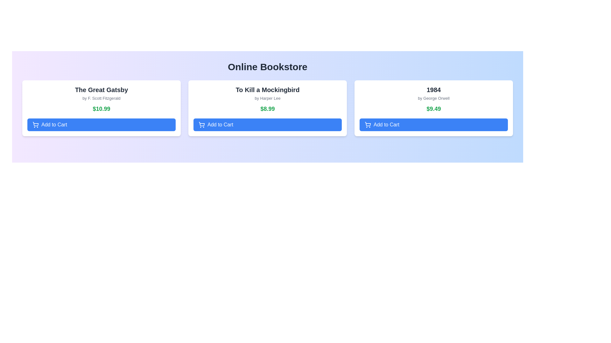 The height and width of the screenshot is (343, 611). Describe the element at coordinates (101, 90) in the screenshot. I see `the text label displaying 'The Great Gatsby', which is the title text at the top of the first product card in a row of three cards` at that location.